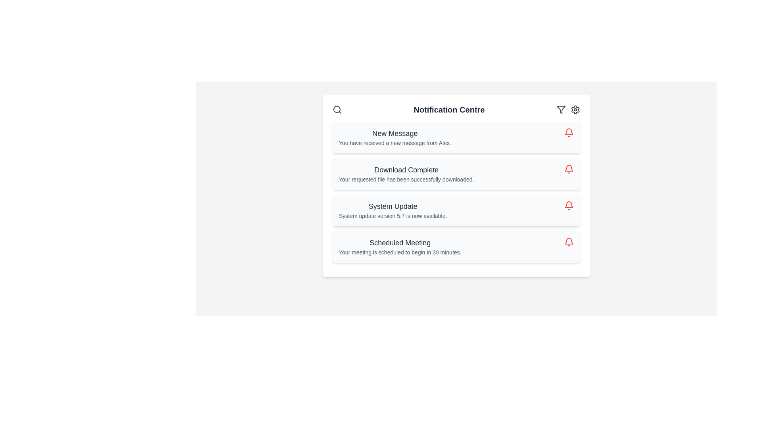 The width and height of the screenshot is (762, 428). Describe the element at coordinates (456, 210) in the screenshot. I see `the Notification card that provides information about the new system update (version 5.7) in the Notification Centre` at that location.